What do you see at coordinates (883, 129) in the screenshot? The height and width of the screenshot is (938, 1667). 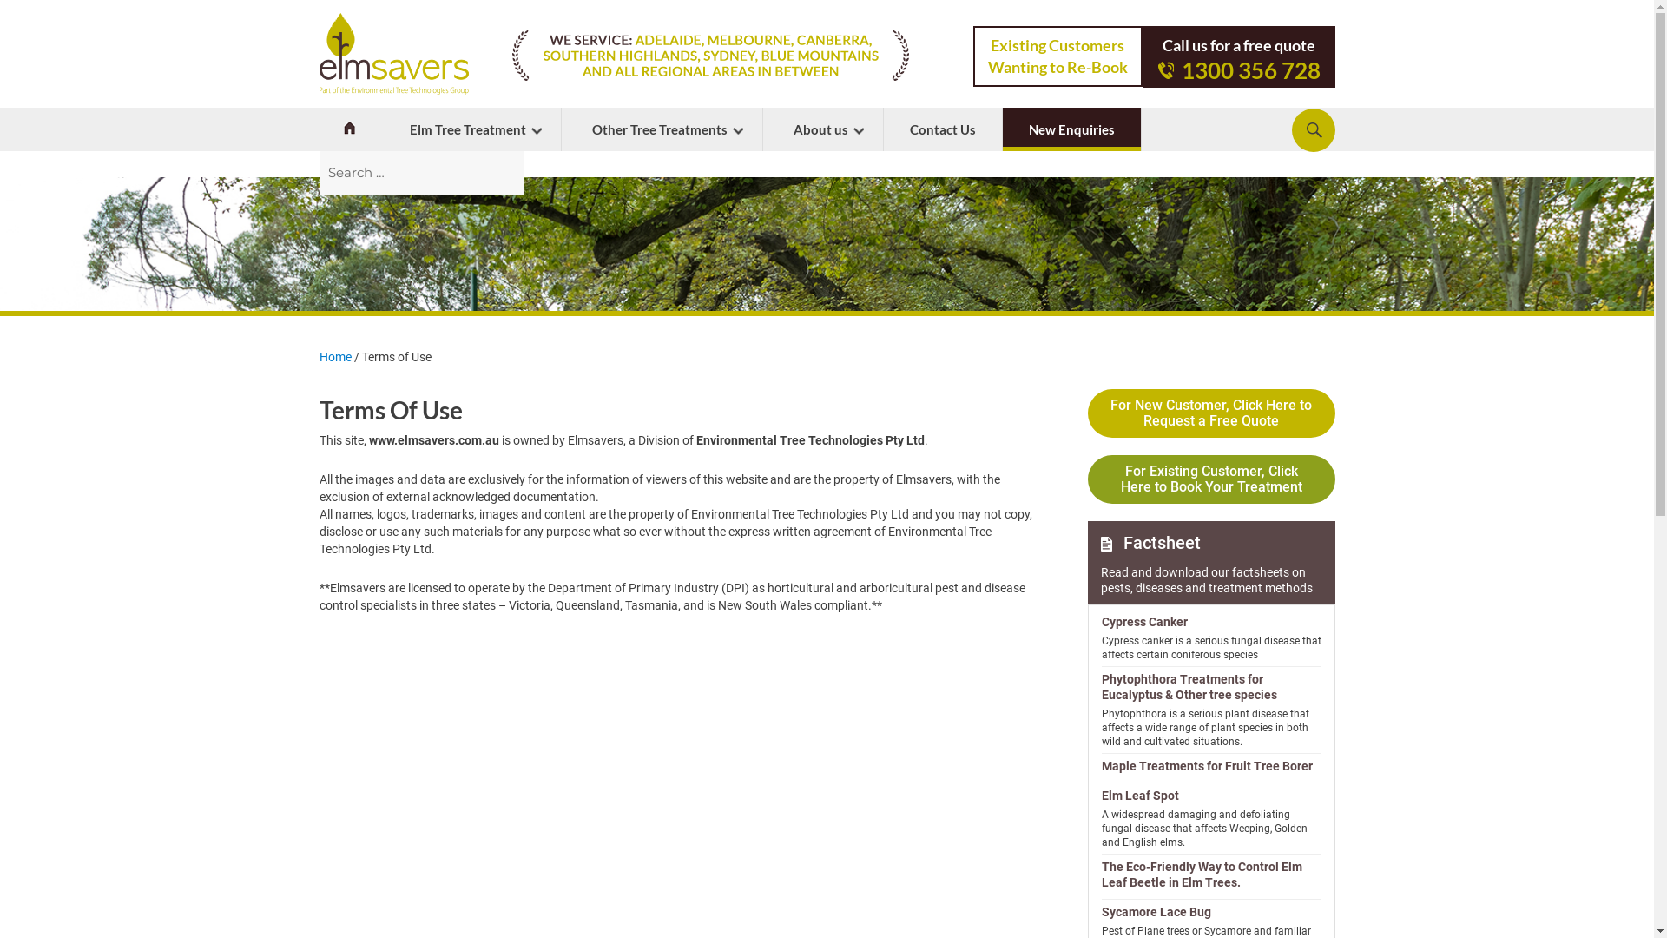 I see `'Contact Us'` at bounding box center [883, 129].